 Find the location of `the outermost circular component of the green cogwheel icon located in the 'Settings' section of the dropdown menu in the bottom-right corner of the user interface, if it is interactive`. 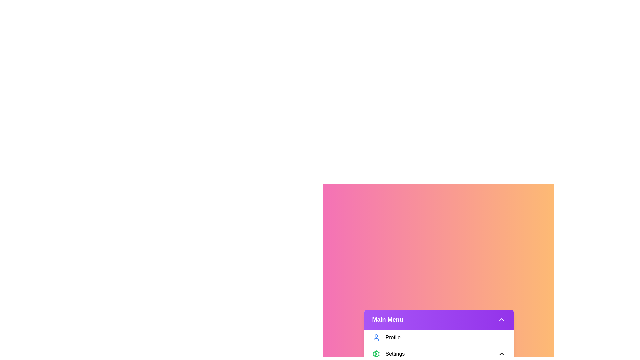

the outermost circular component of the green cogwheel icon located in the 'Settings' section of the dropdown menu in the bottom-right corner of the user interface, if it is interactive is located at coordinates (376, 353).